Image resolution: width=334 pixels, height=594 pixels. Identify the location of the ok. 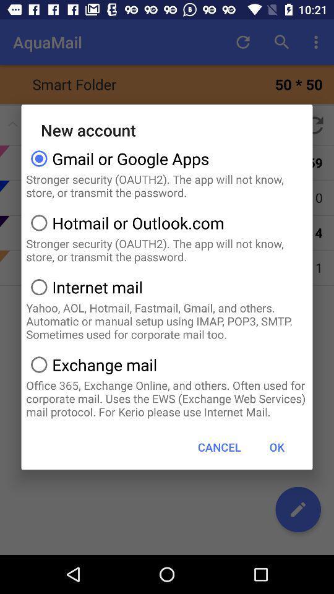
(276, 446).